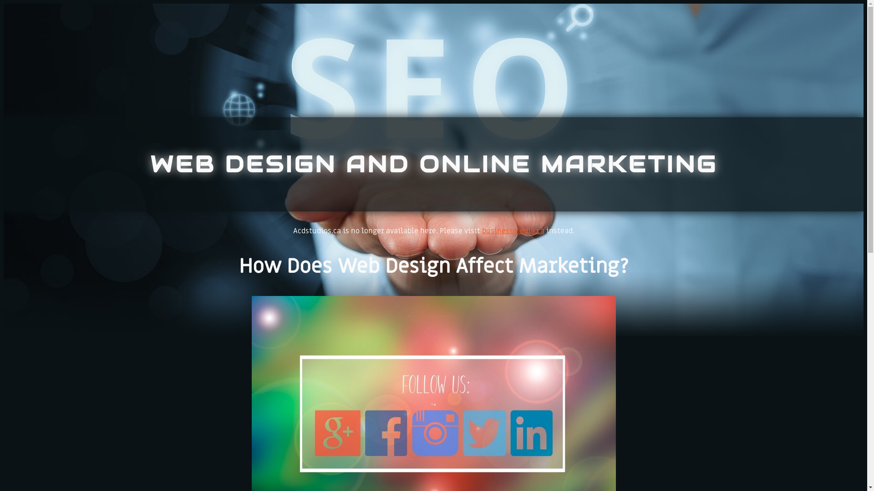  Describe the element at coordinates (481, 230) in the screenshot. I see `'businessmedia.ca'` at that location.